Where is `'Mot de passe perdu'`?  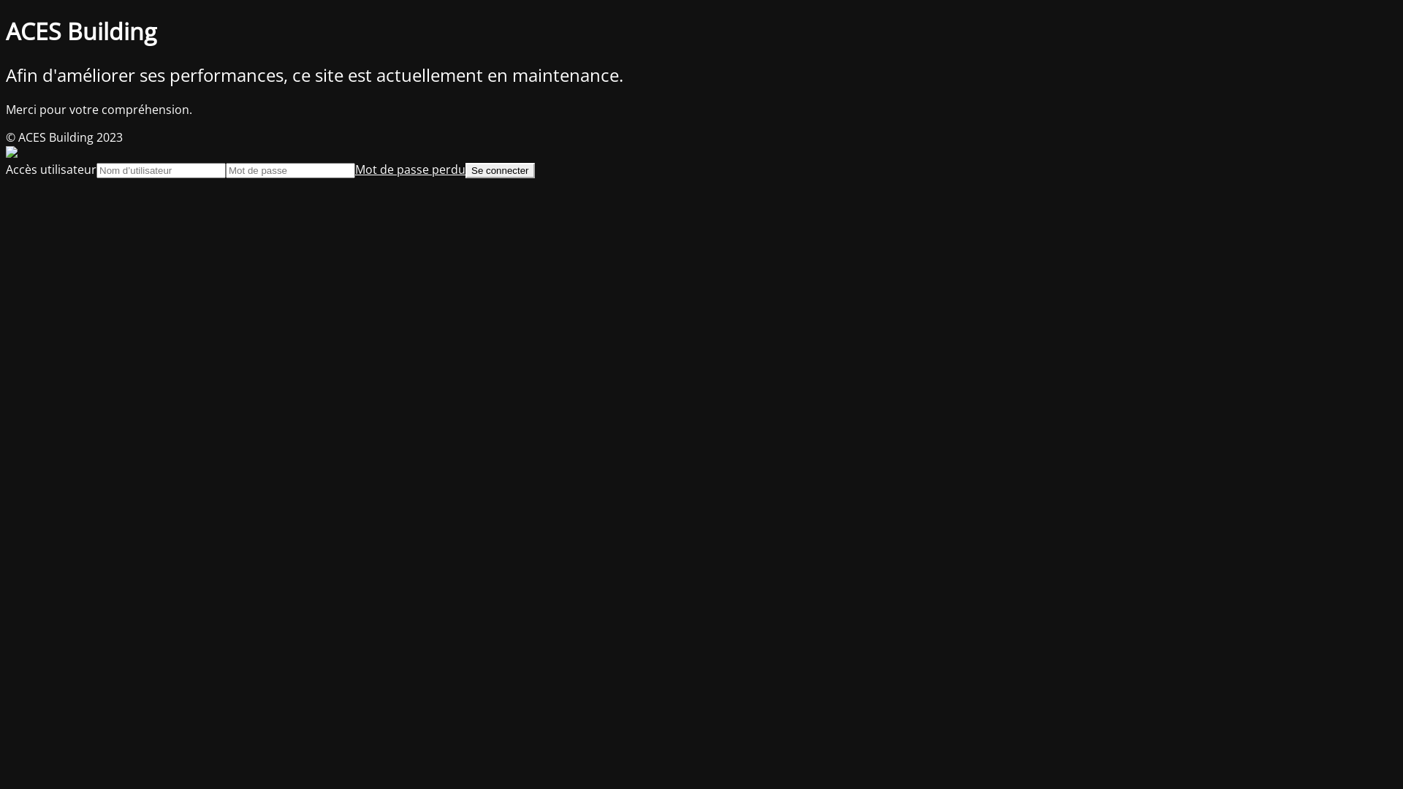
'Mot de passe perdu' is located at coordinates (409, 168).